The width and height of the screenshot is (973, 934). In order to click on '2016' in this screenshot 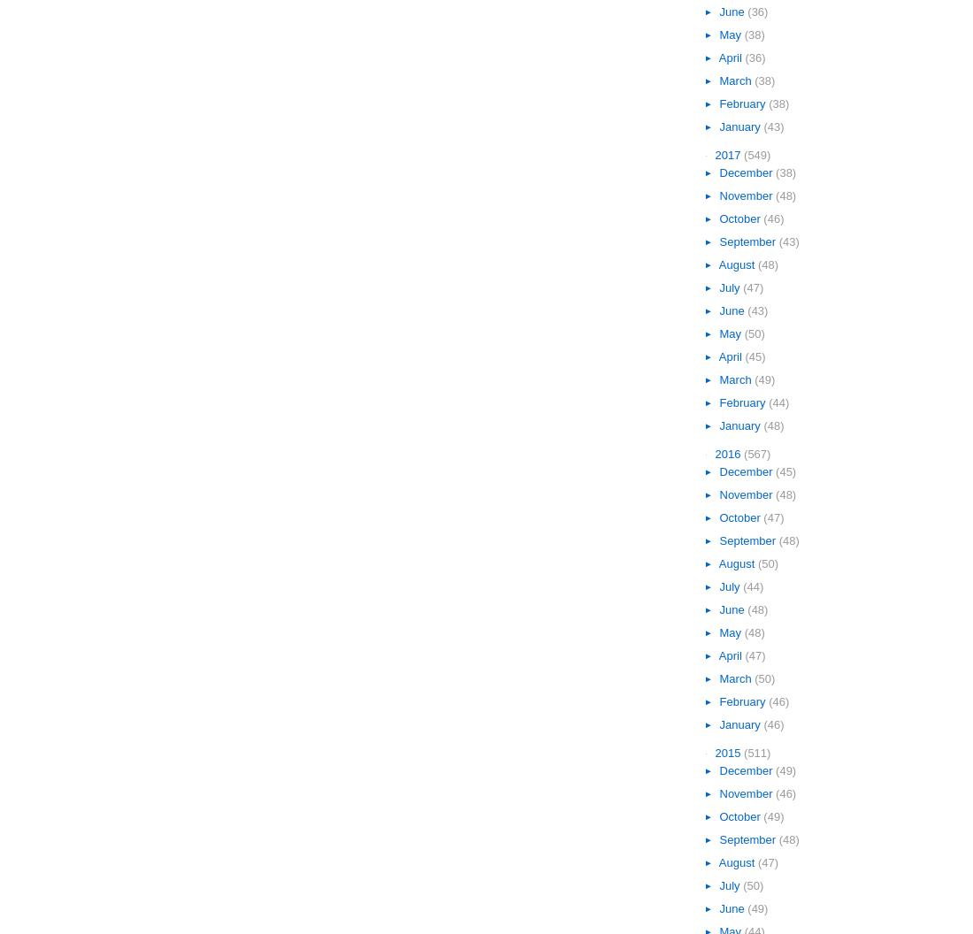, I will do `click(729, 453)`.